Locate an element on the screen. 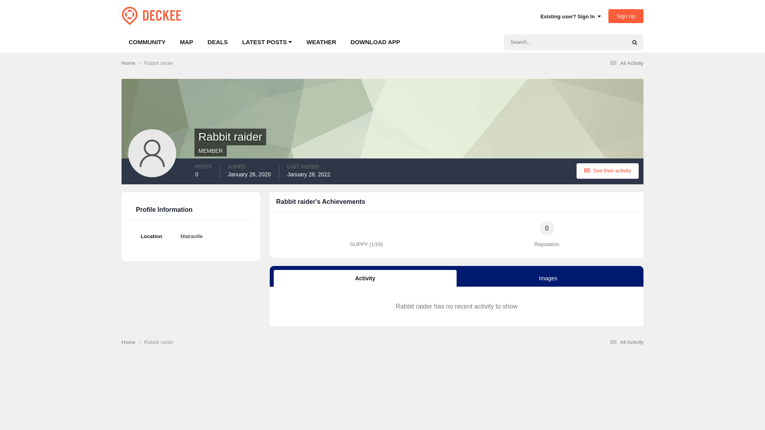 The height and width of the screenshot is (430, 765). 'MAP' is located at coordinates (186, 42).